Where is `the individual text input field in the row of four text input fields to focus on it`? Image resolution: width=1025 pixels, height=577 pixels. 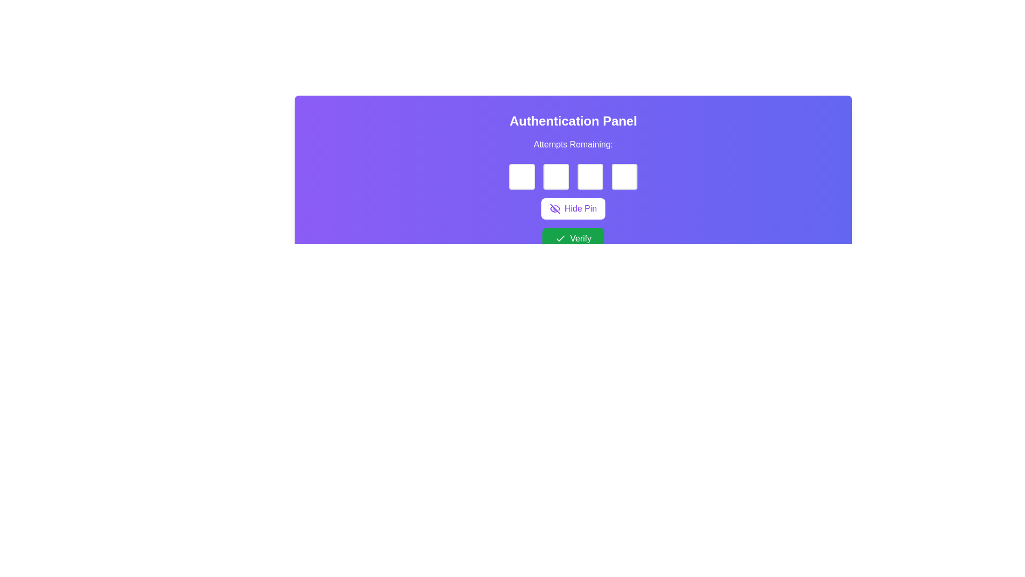
the individual text input field in the row of four text input fields to focus on it is located at coordinates (573, 176).